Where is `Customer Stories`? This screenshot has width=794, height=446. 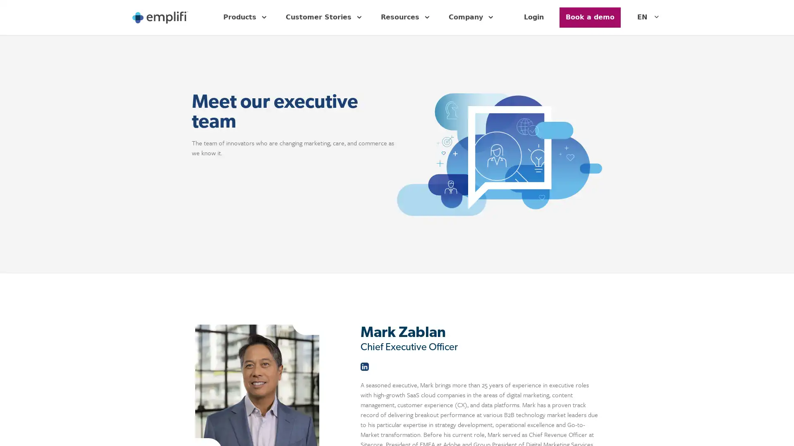
Customer Stories is located at coordinates (325, 17).